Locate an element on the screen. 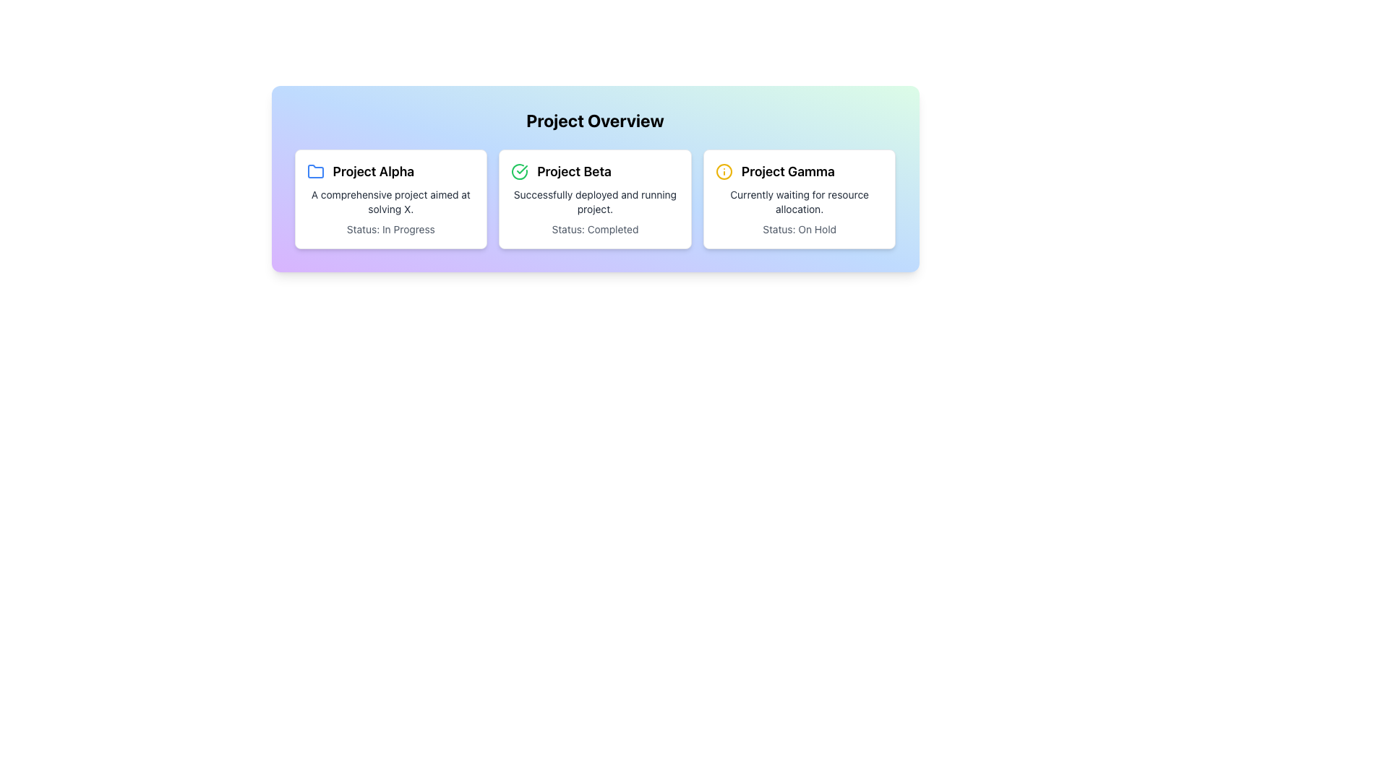 This screenshot has height=780, width=1388. the 'Project Beta' text label, which is styled in bold and larger size, located in the center section of the second card under the 'Project Overview' heading is located at coordinates (573, 171).